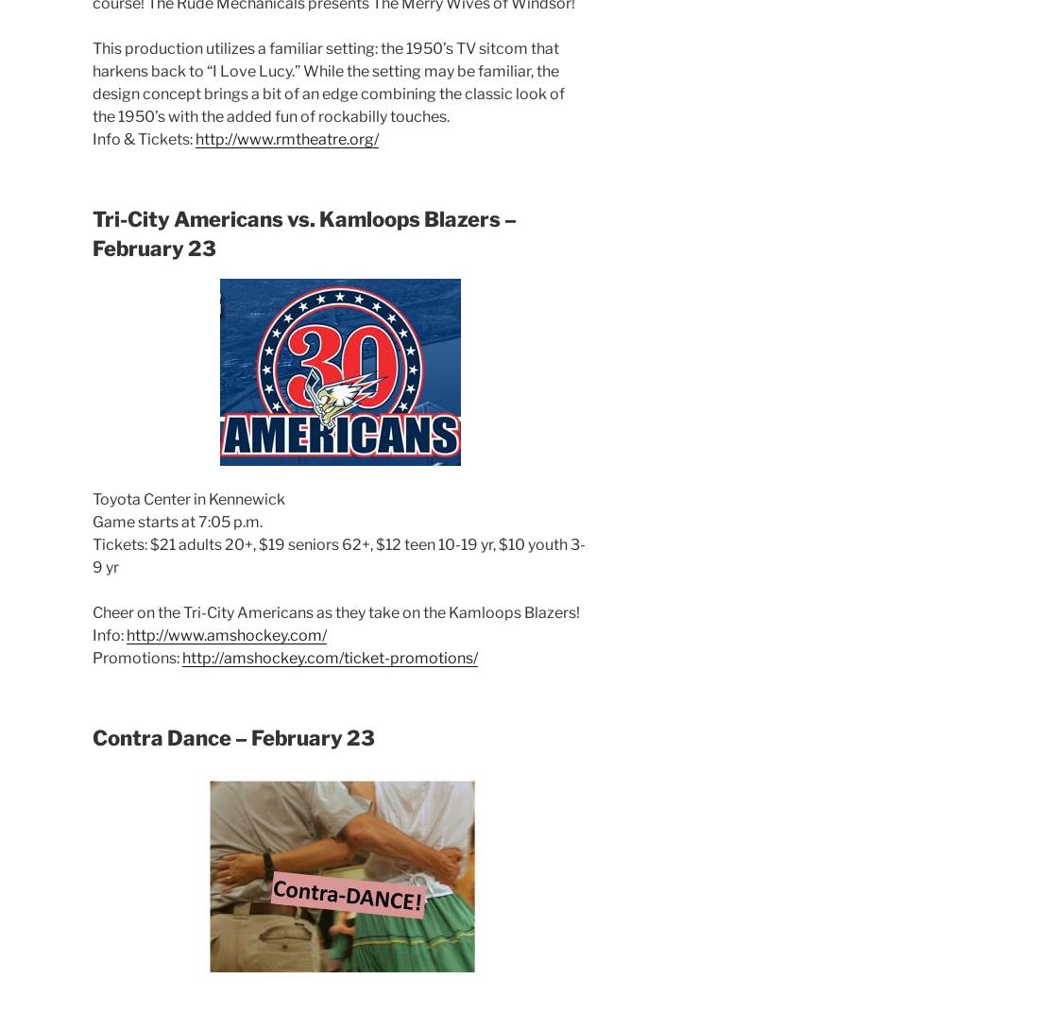  What do you see at coordinates (227, 634) in the screenshot?
I see `'http://www.amshockey.com/'` at bounding box center [227, 634].